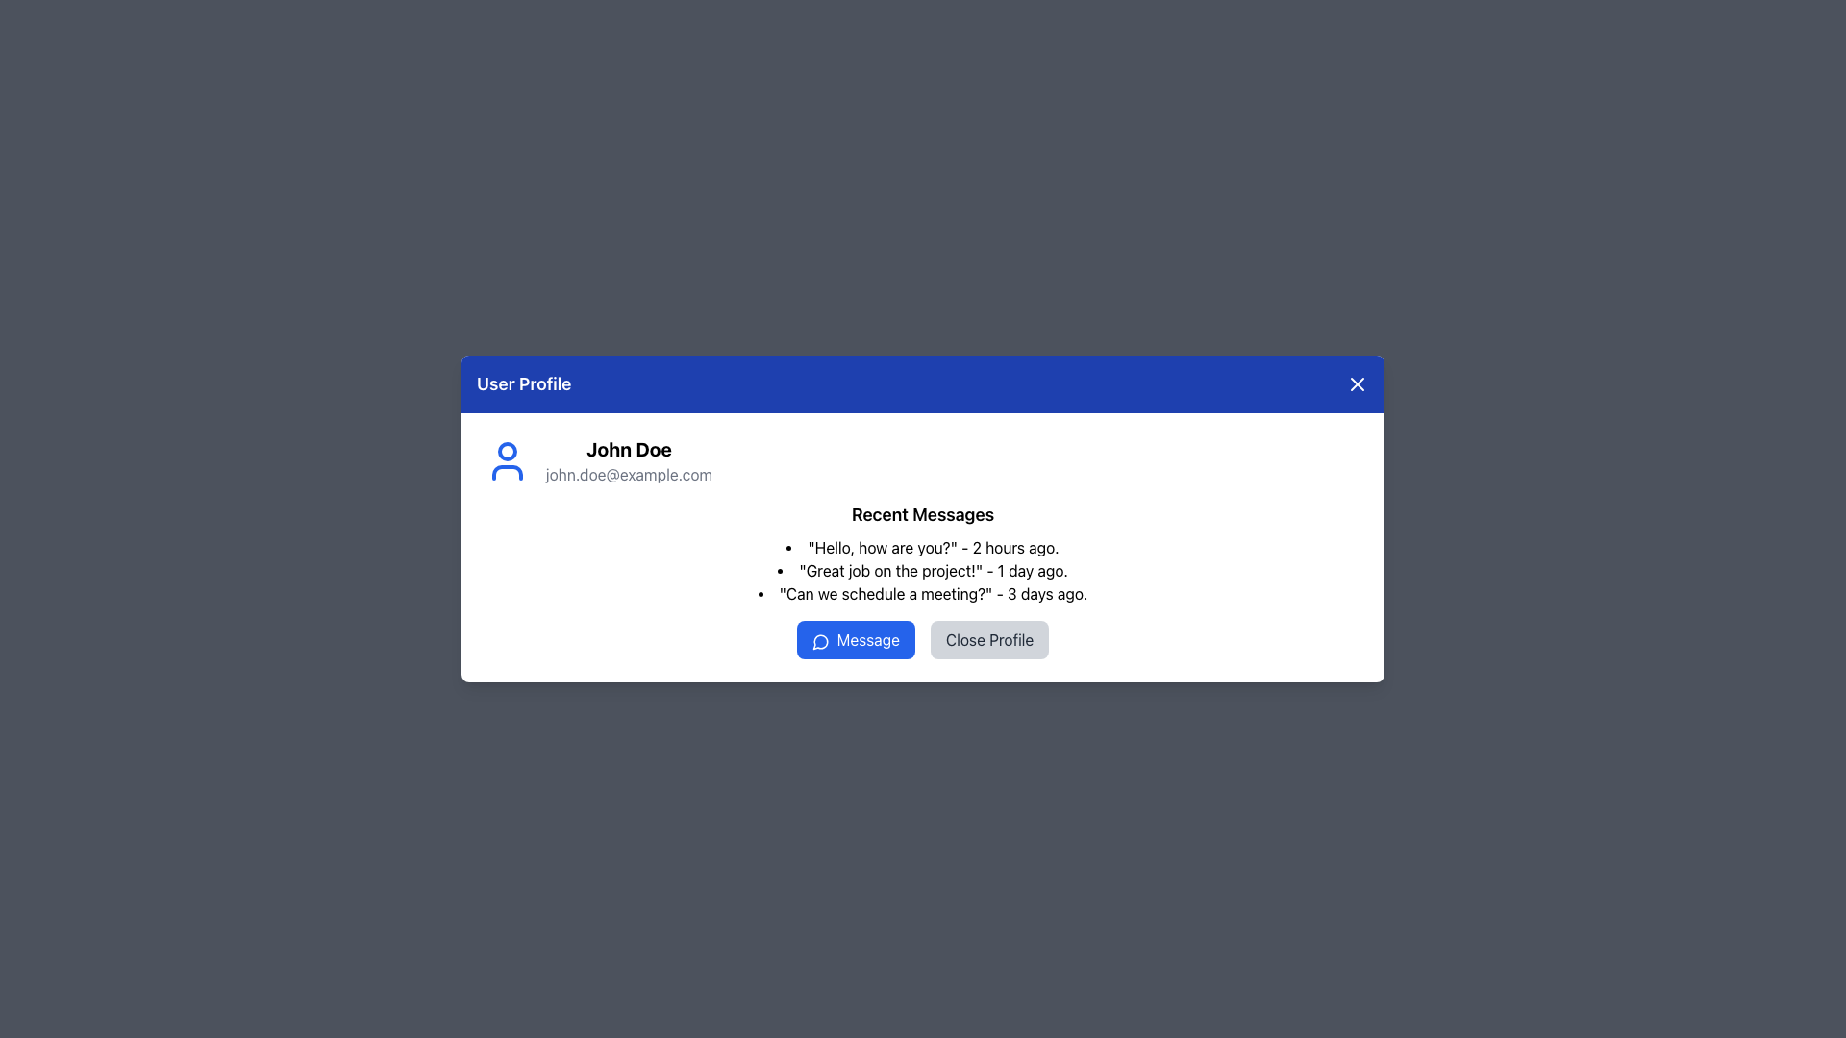  What do you see at coordinates (989, 640) in the screenshot?
I see `the close button located at the bottom right of the profile card to observe the hover effect` at bounding box center [989, 640].